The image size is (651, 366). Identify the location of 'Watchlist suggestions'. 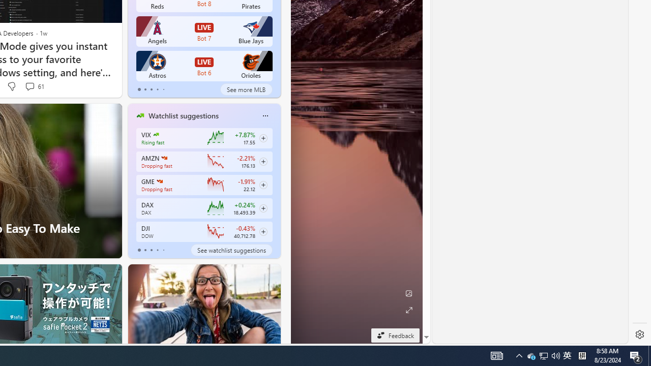
(183, 115).